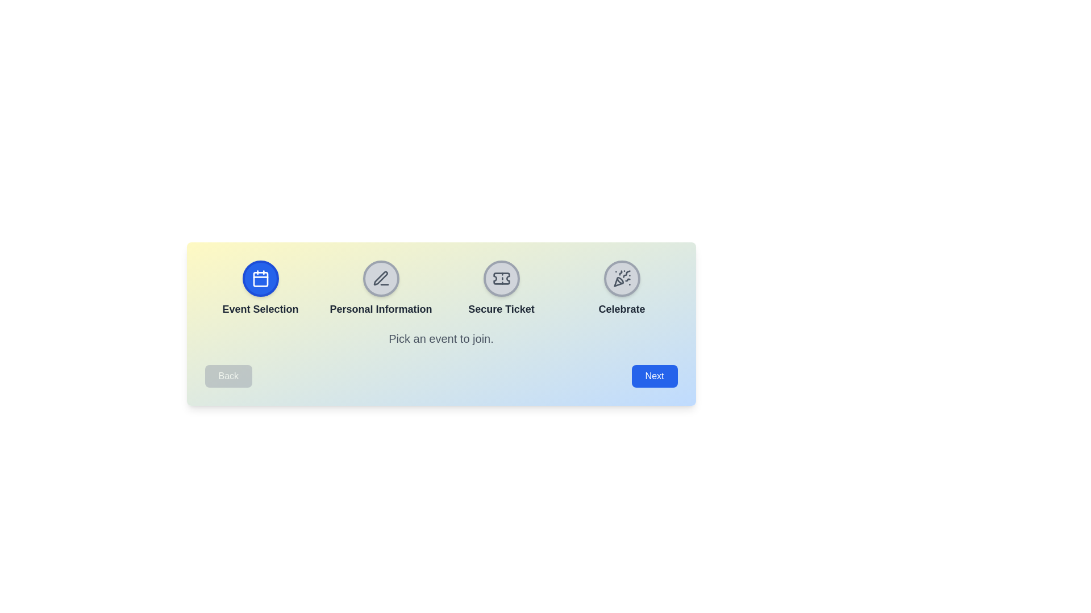 The width and height of the screenshot is (1091, 613). Describe the element at coordinates (655, 376) in the screenshot. I see `the 'Next' button to proceed to the next step` at that location.